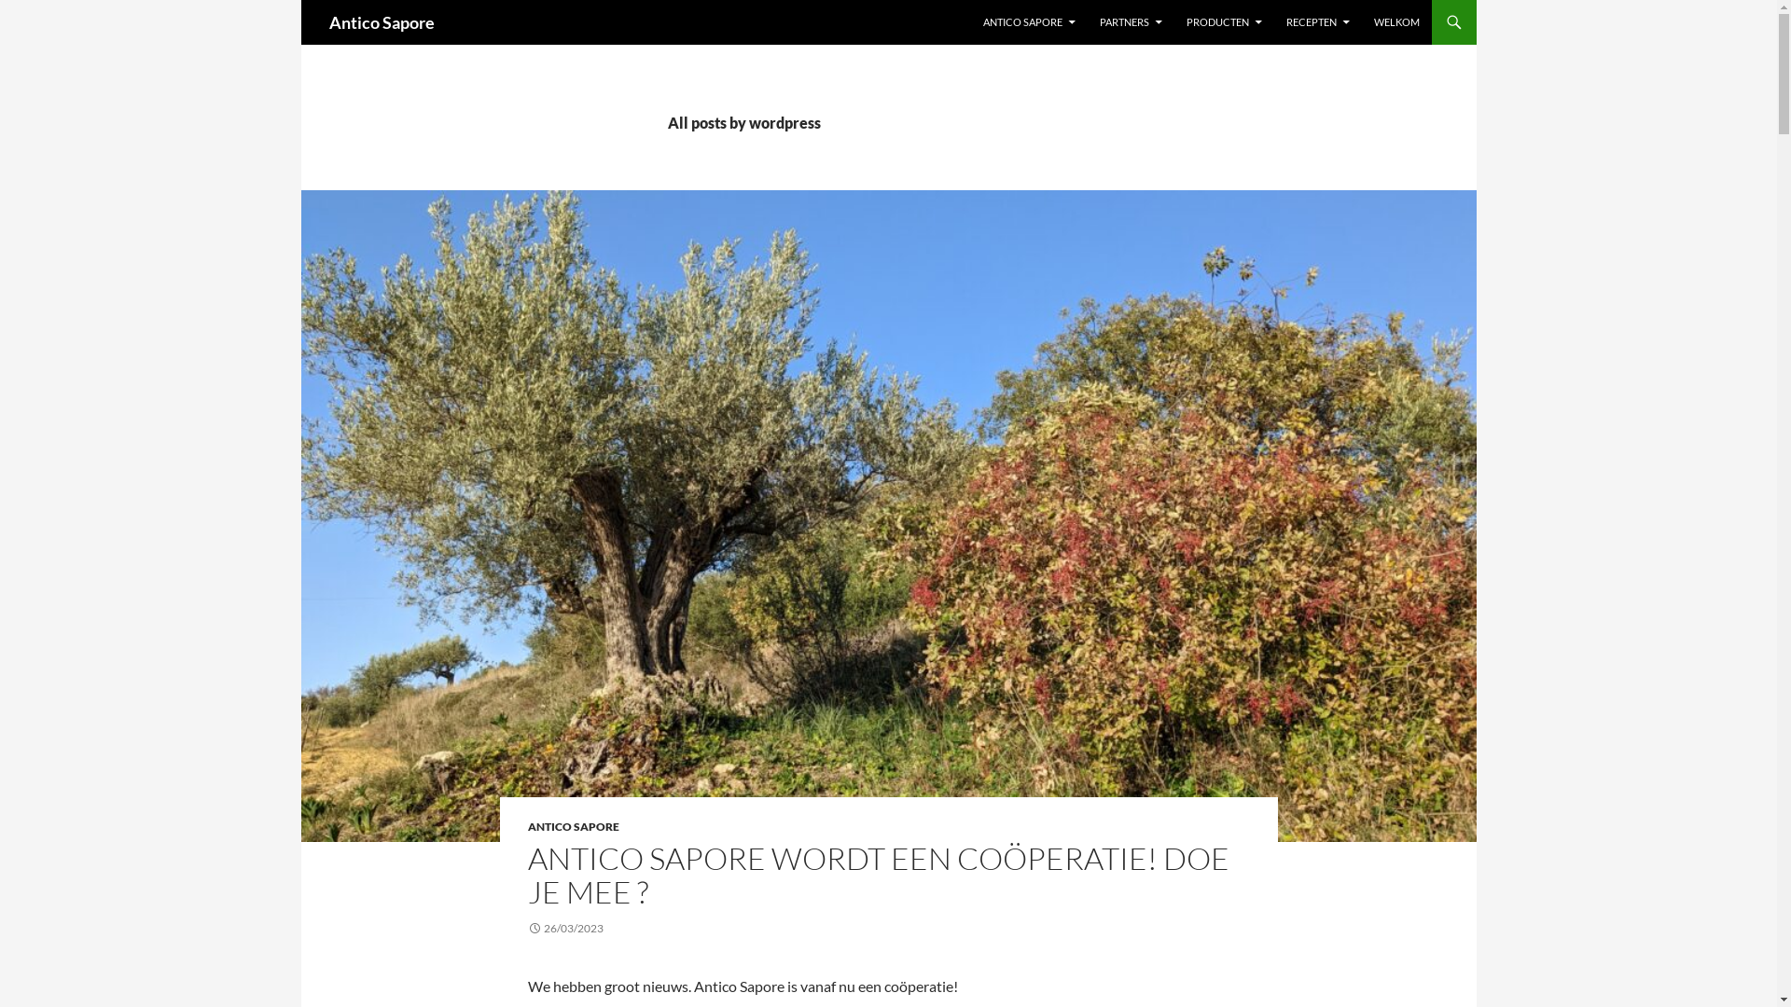  I want to click on 'WELKOM', so click(1395, 21).